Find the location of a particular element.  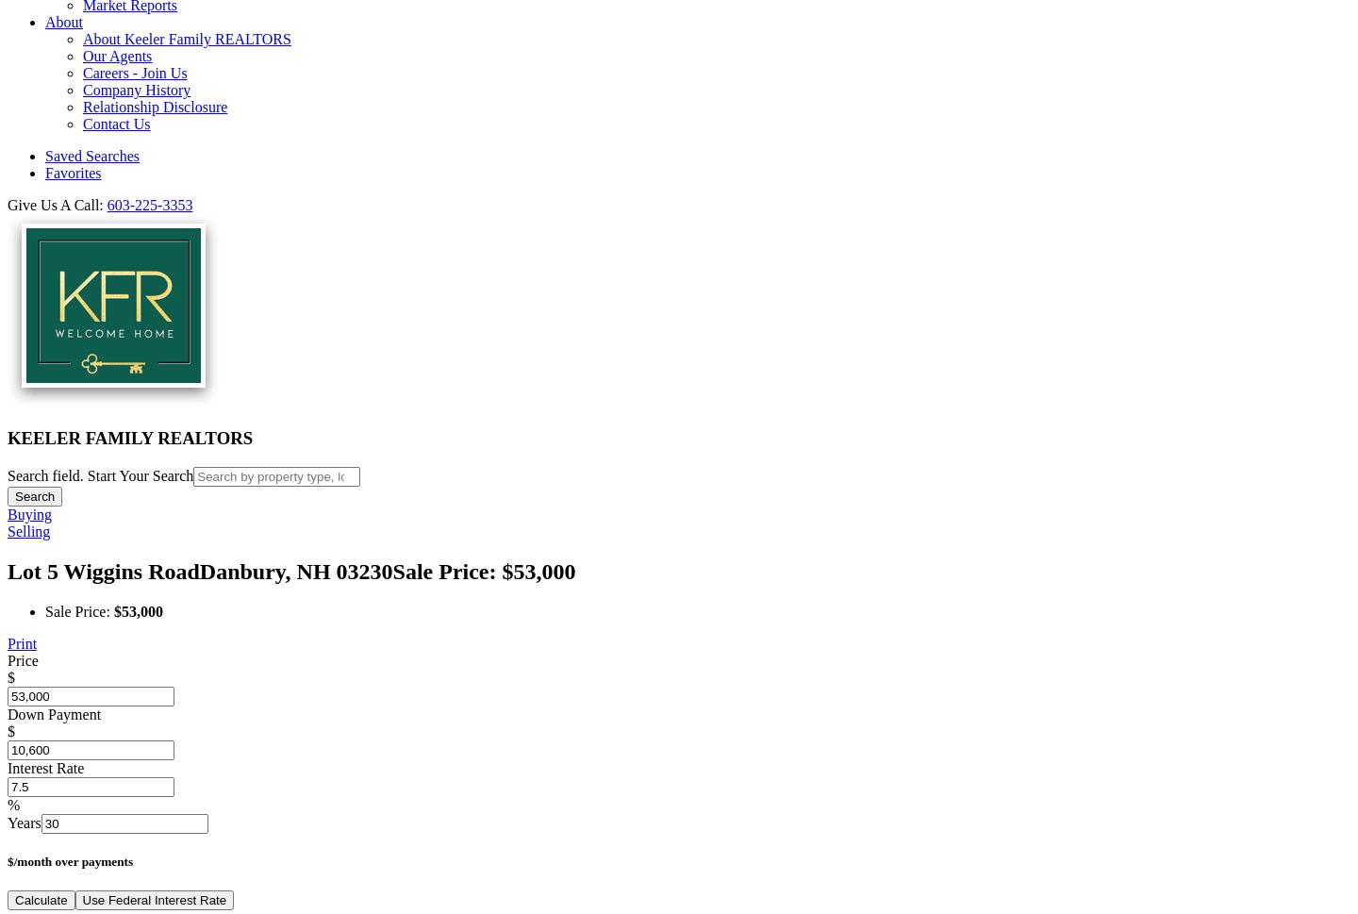

'$53,000' is located at coordinates (137, 610).